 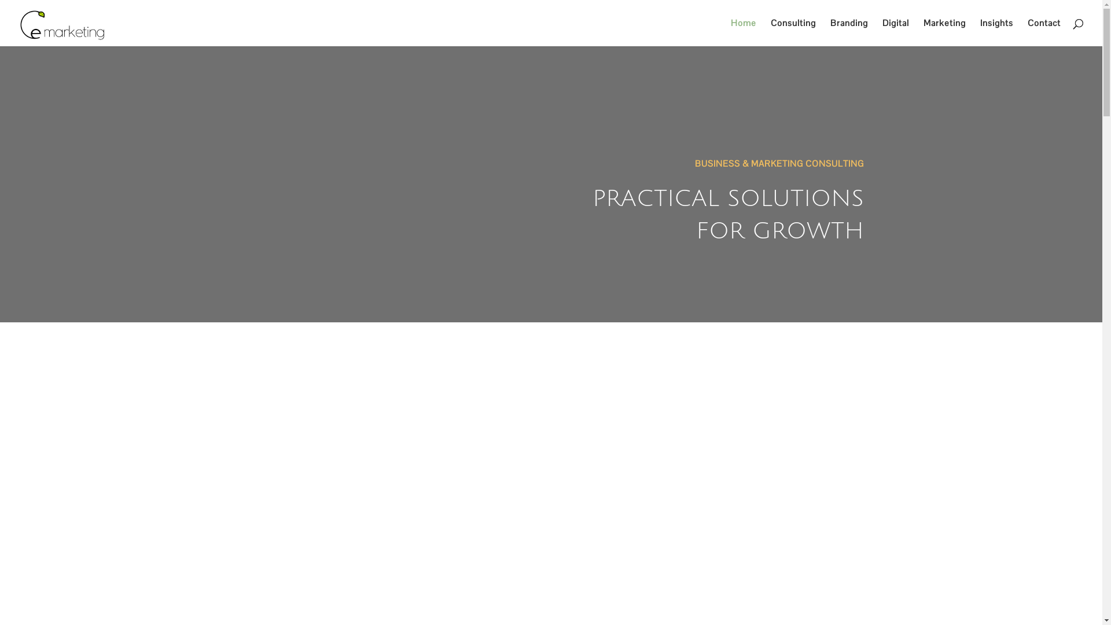 What do you see at coordinates (882, 32) in the screenshot?
I see `'Digital'` at bounding box center [882, 32].